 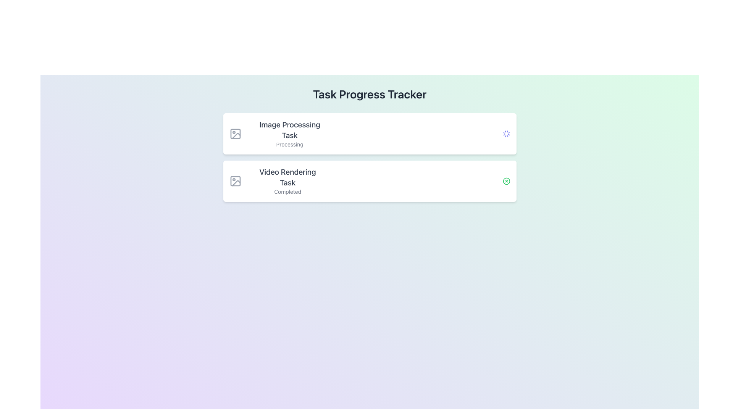 I want to click on static text element serving as the title for the first task card, located at the top of the task list, above the subtitle 'Processing', so click(x=289, y=129).